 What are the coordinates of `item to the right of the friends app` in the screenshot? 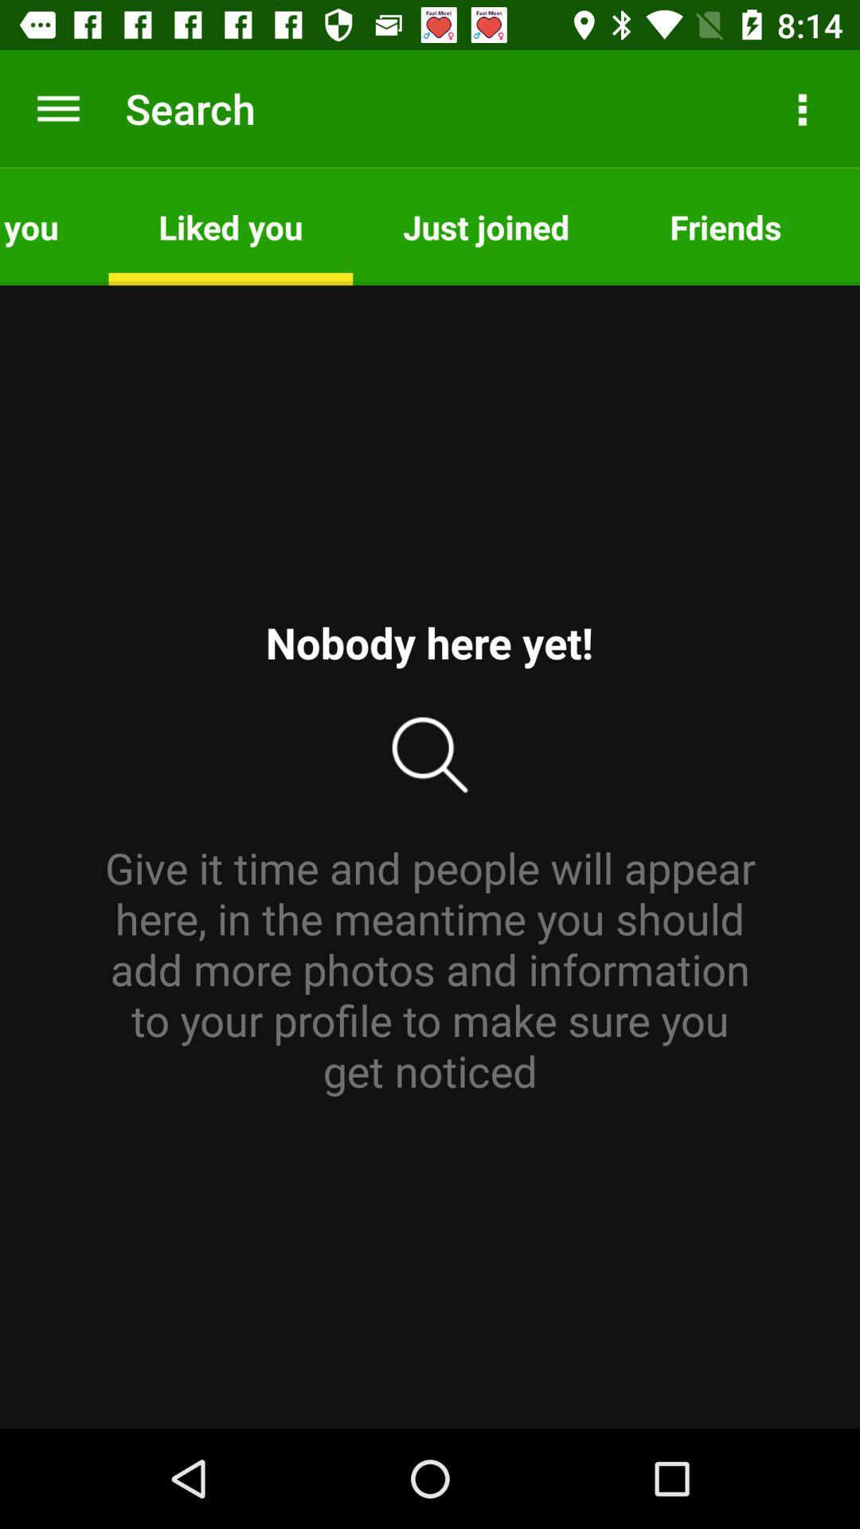 It's located at (845, 225).